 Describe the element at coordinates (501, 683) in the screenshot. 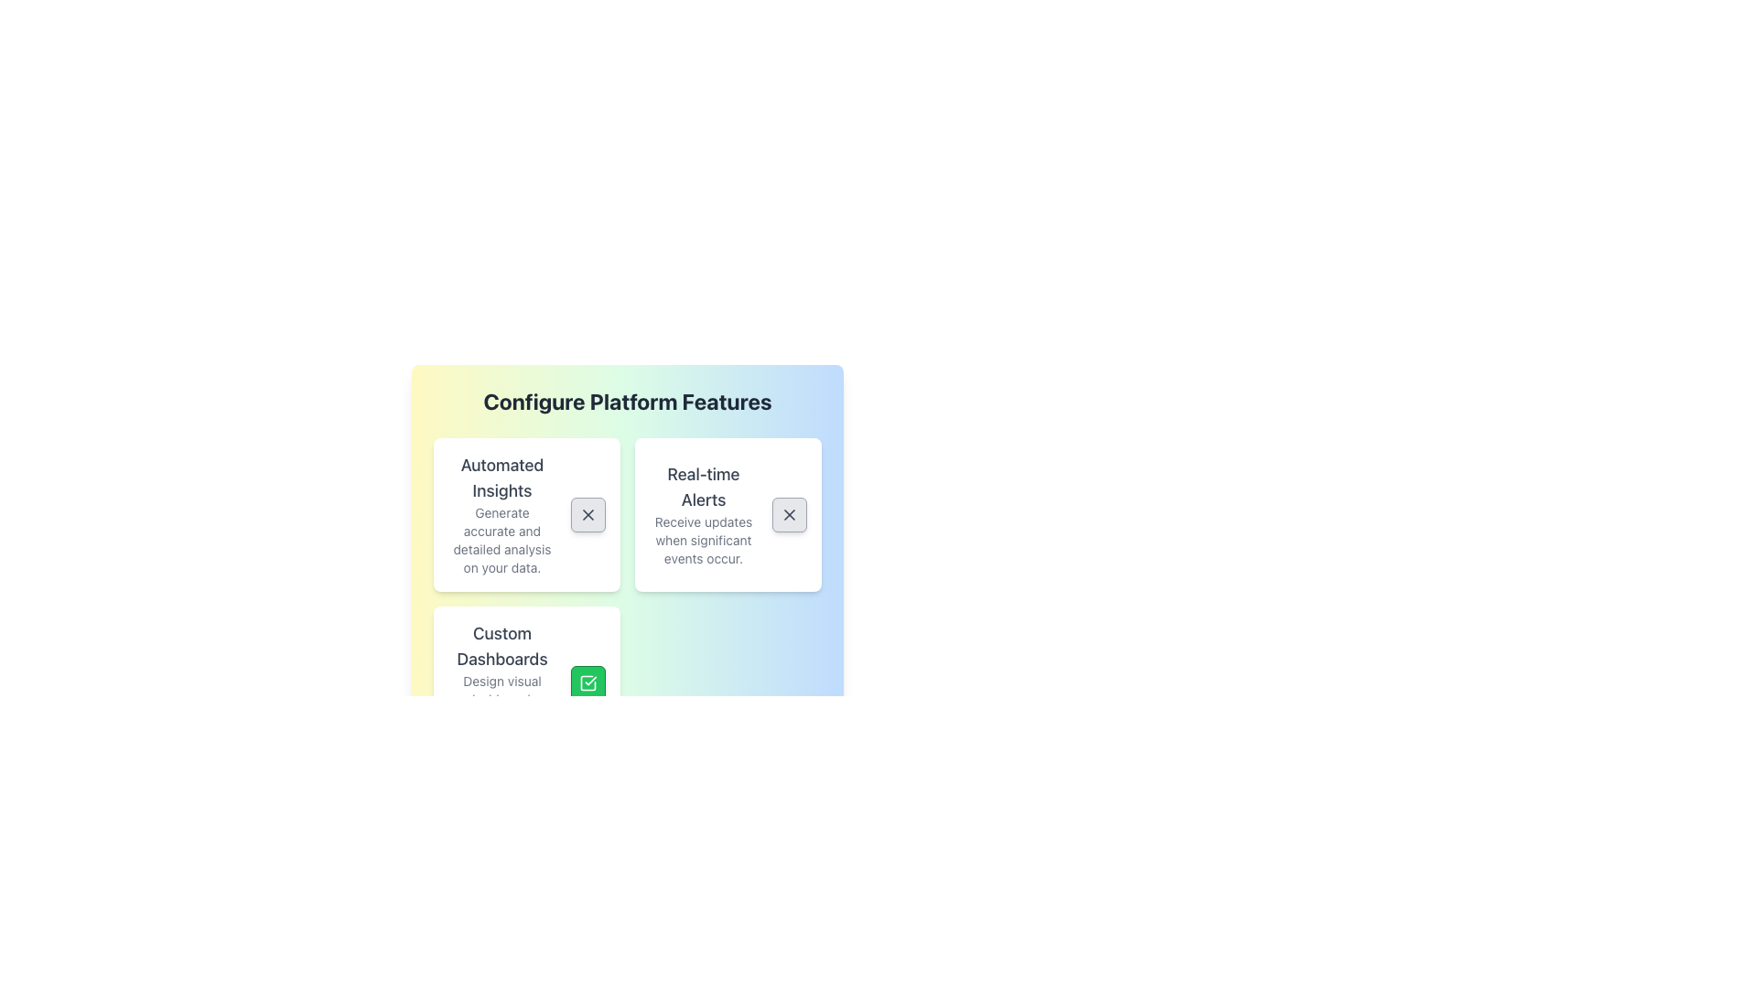

I see `text from the Text Block containing 'Custom Dashboards' and 'Design visual dashboards catered to your needs.' located at the bottom left of the visible cards under 'Configure Platform Features.'` at that location.